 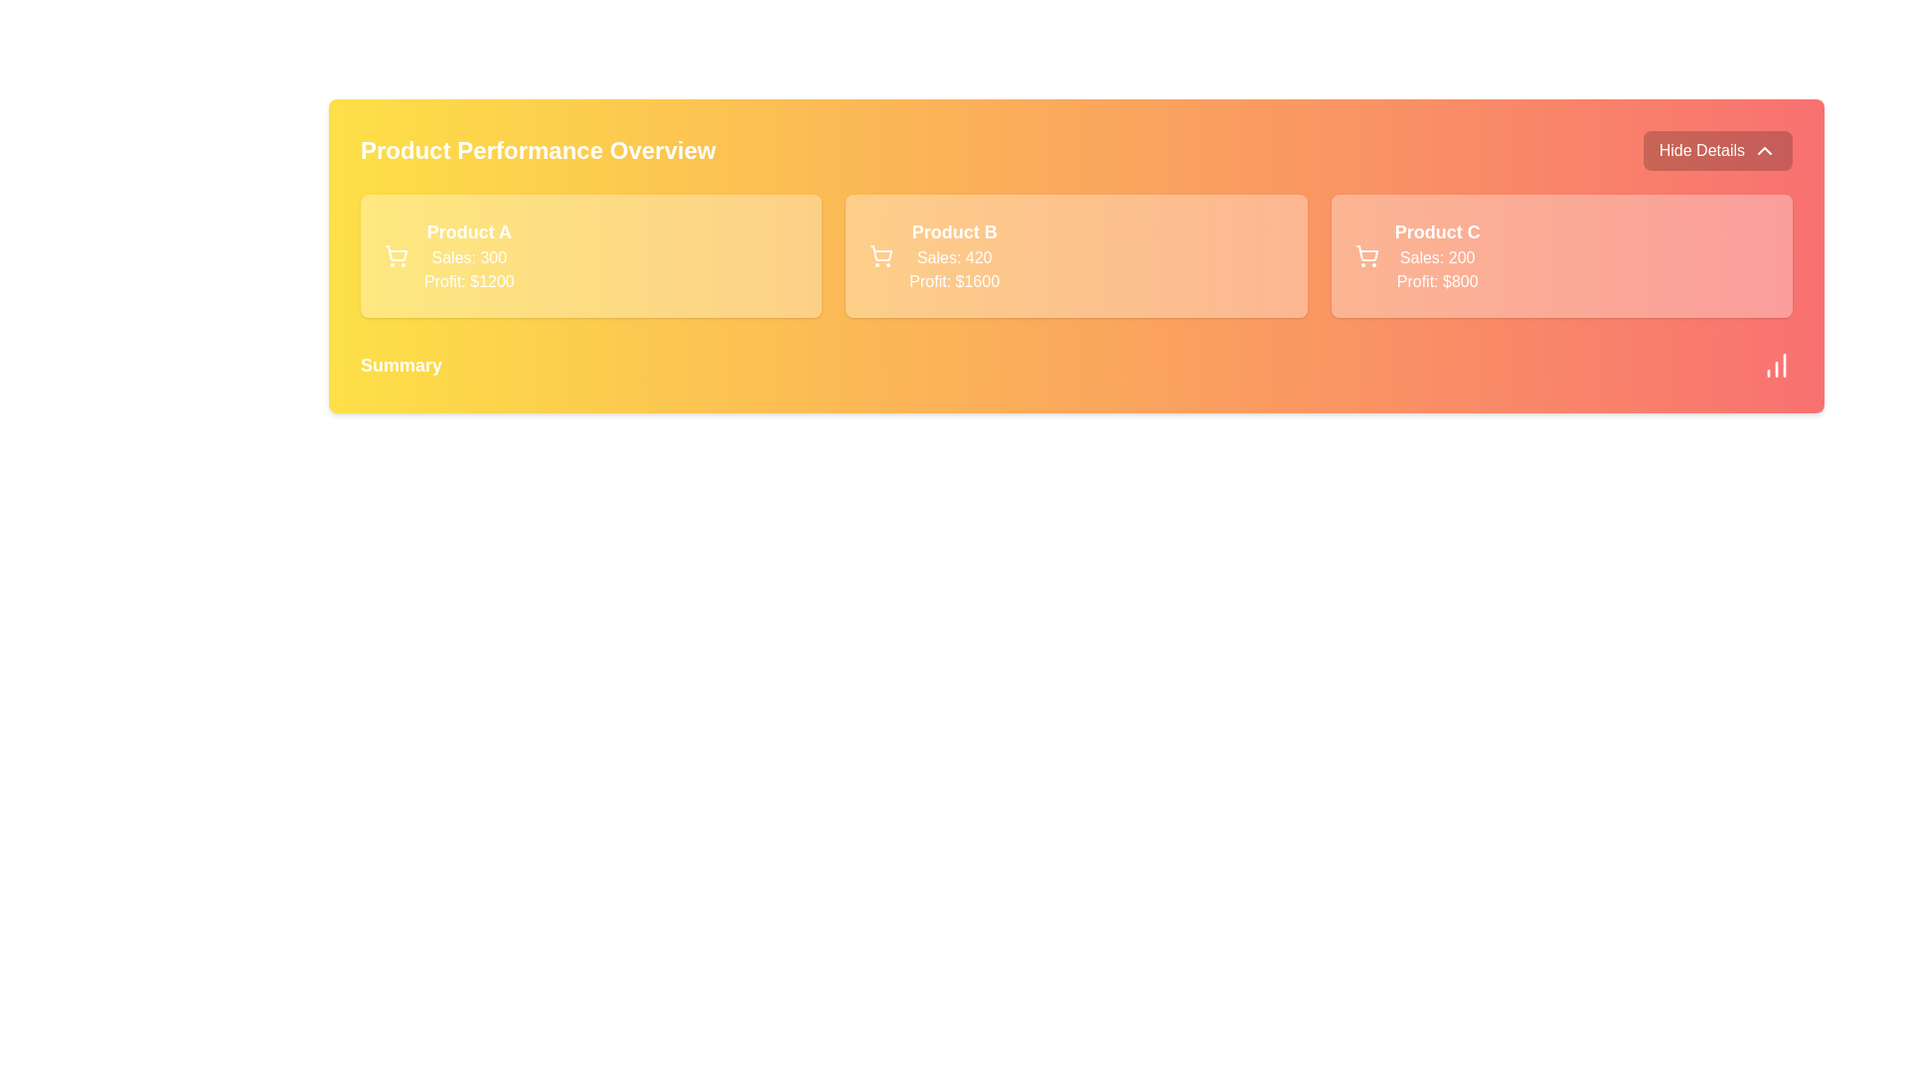 What do you see at coordinates (1437, 256) in the screenshot?
I see `value displayed in the text label showing 'Sales: 200' in bold white font within the 'Product C' card, which is the second text entry below the title and above the profit information` at bounding box center [1437, 256].